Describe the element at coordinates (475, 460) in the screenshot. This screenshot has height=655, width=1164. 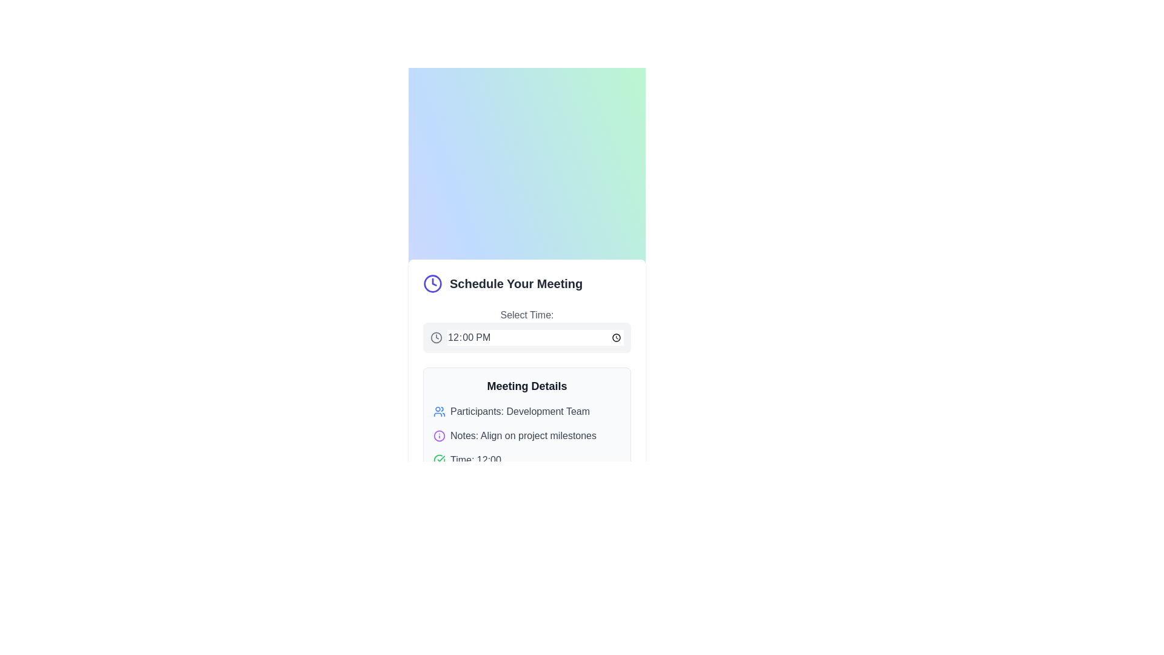
I see `the text label displaying the meeting time, located to the right of the green checkmark icon within the 'Meeting Details' card layout` at that location.